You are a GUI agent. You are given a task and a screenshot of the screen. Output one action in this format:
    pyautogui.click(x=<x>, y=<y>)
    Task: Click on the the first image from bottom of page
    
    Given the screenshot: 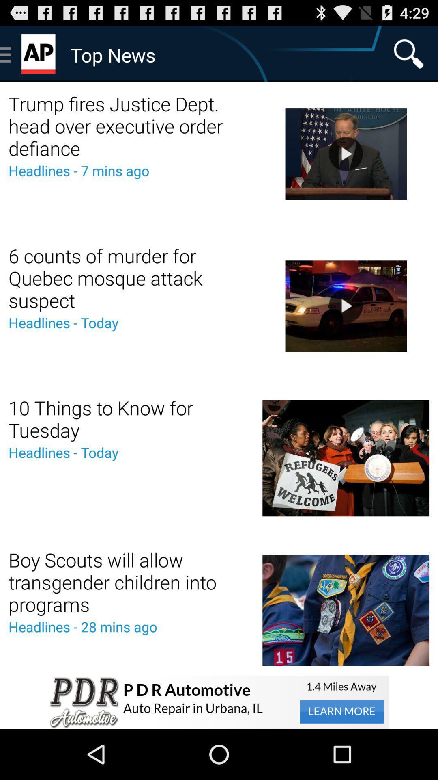 What is the action you would take?
    pyautogui.click(x=346, y=610)
    